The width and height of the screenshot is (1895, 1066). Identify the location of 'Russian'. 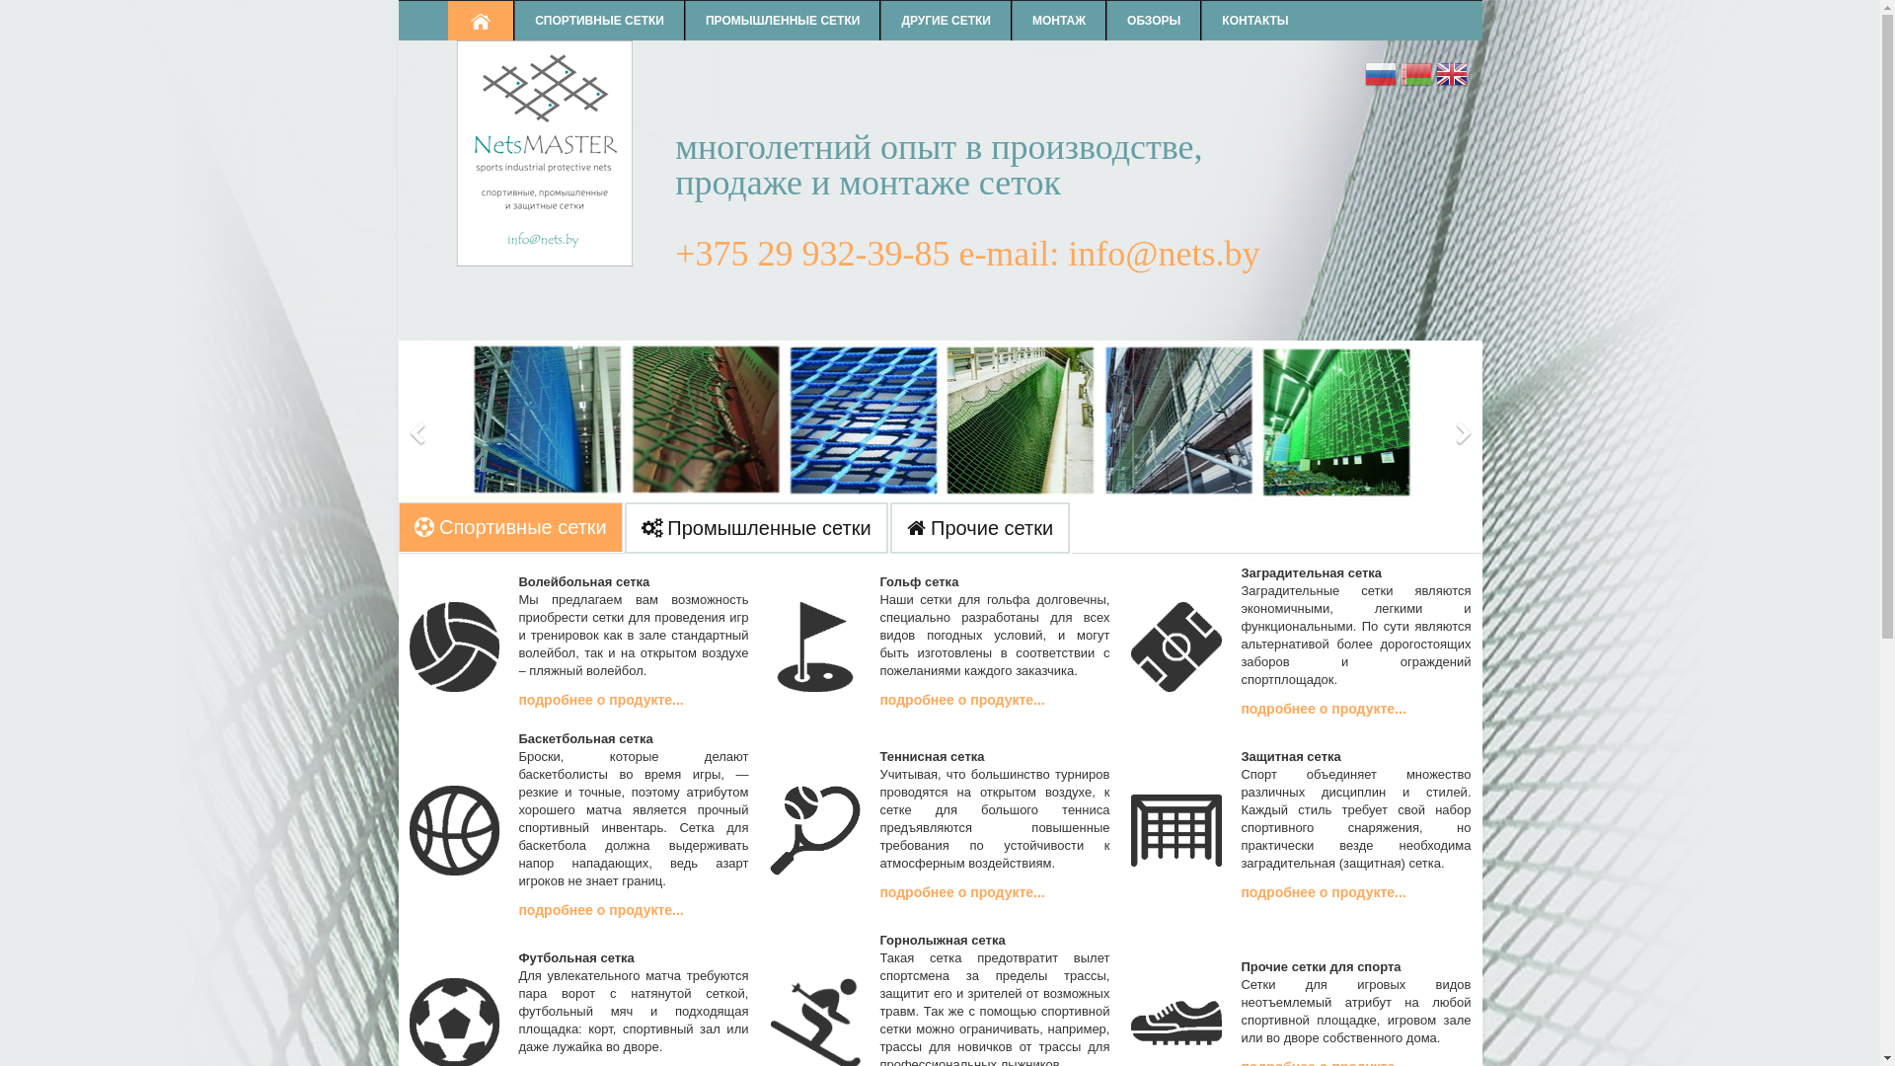
(1379, 75).